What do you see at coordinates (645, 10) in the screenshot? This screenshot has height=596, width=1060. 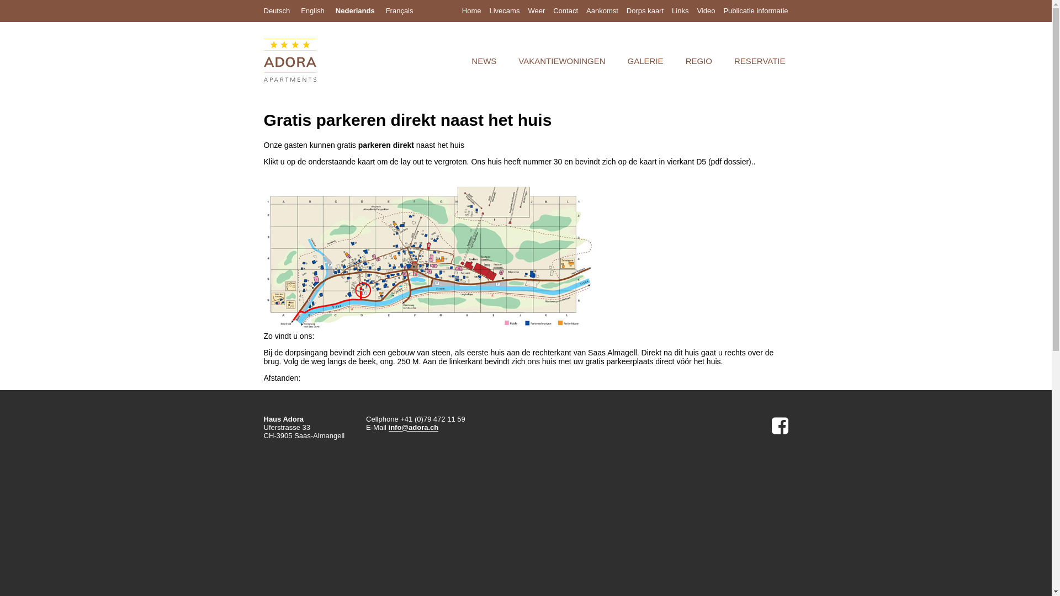 I see `'Dorps kaart'` at bounding box center [645, 10].